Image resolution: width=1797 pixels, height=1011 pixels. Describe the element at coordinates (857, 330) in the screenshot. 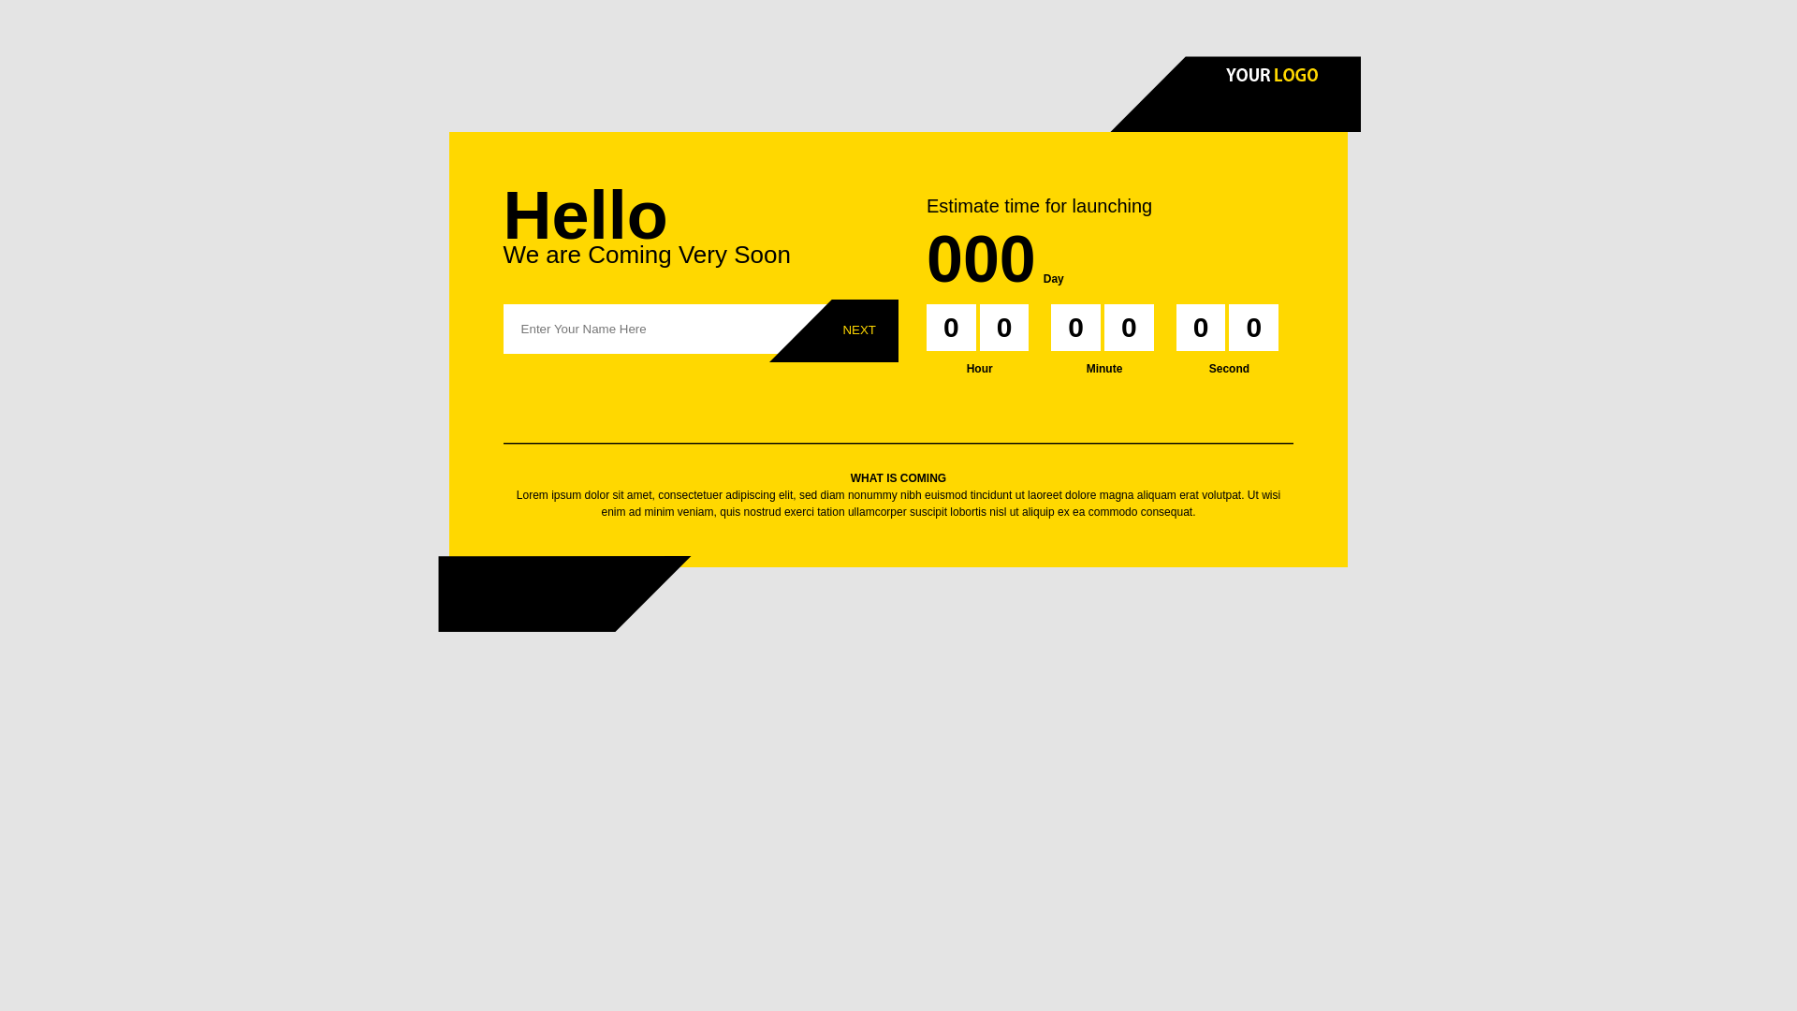

I see `'Next'` at that location.